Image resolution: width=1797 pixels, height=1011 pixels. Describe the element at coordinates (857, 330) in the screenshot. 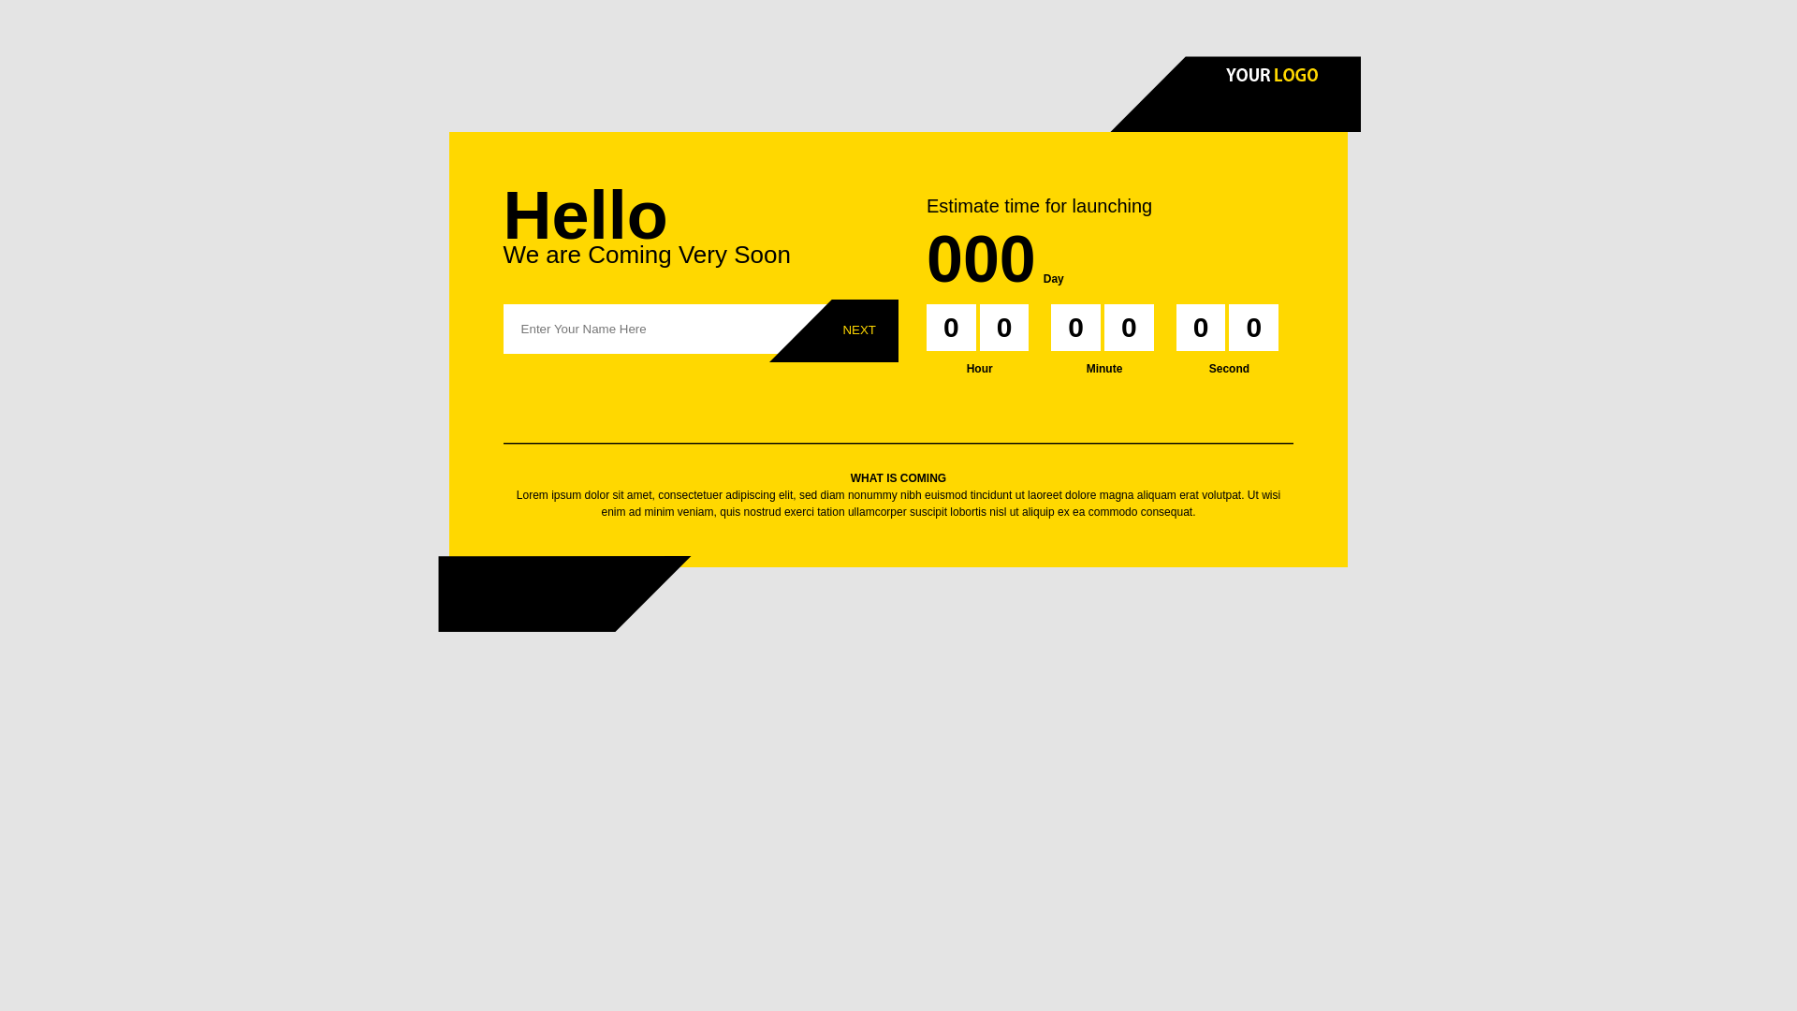

I see `'Next'` at that location.